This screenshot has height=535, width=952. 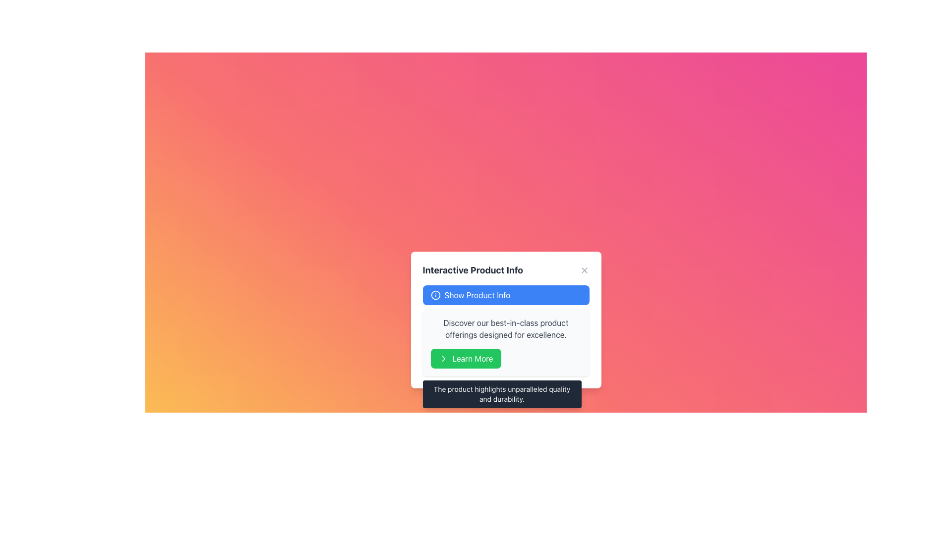 What do you see at coordinates (506, 328) in the screenshot?
I see `the descriptive text label that provides context about the product offerings, positioned above the green 'Learn More' button and below the blue 'Show Product Info' button` at bounding box center [506, 328].